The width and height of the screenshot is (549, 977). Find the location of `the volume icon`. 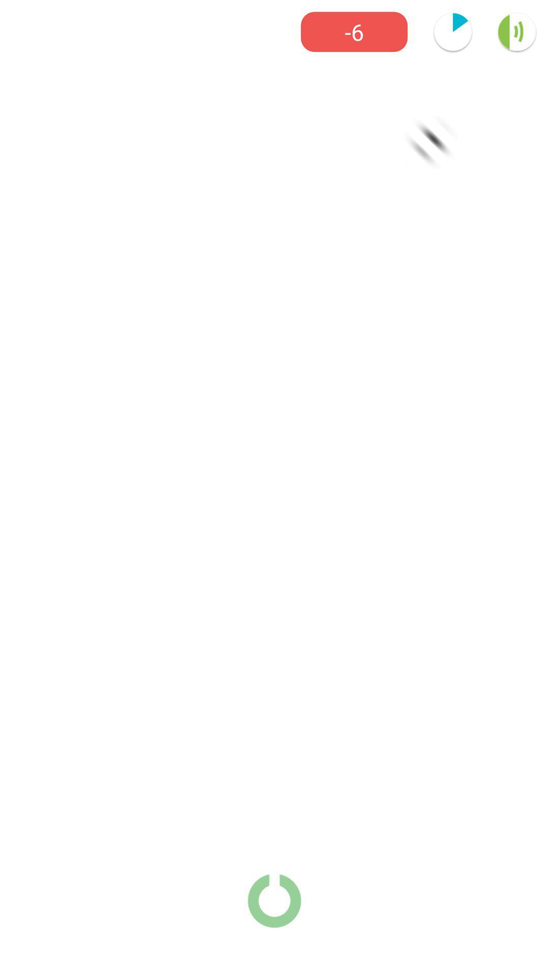

the volume icon is located at coordinates (517, 32).